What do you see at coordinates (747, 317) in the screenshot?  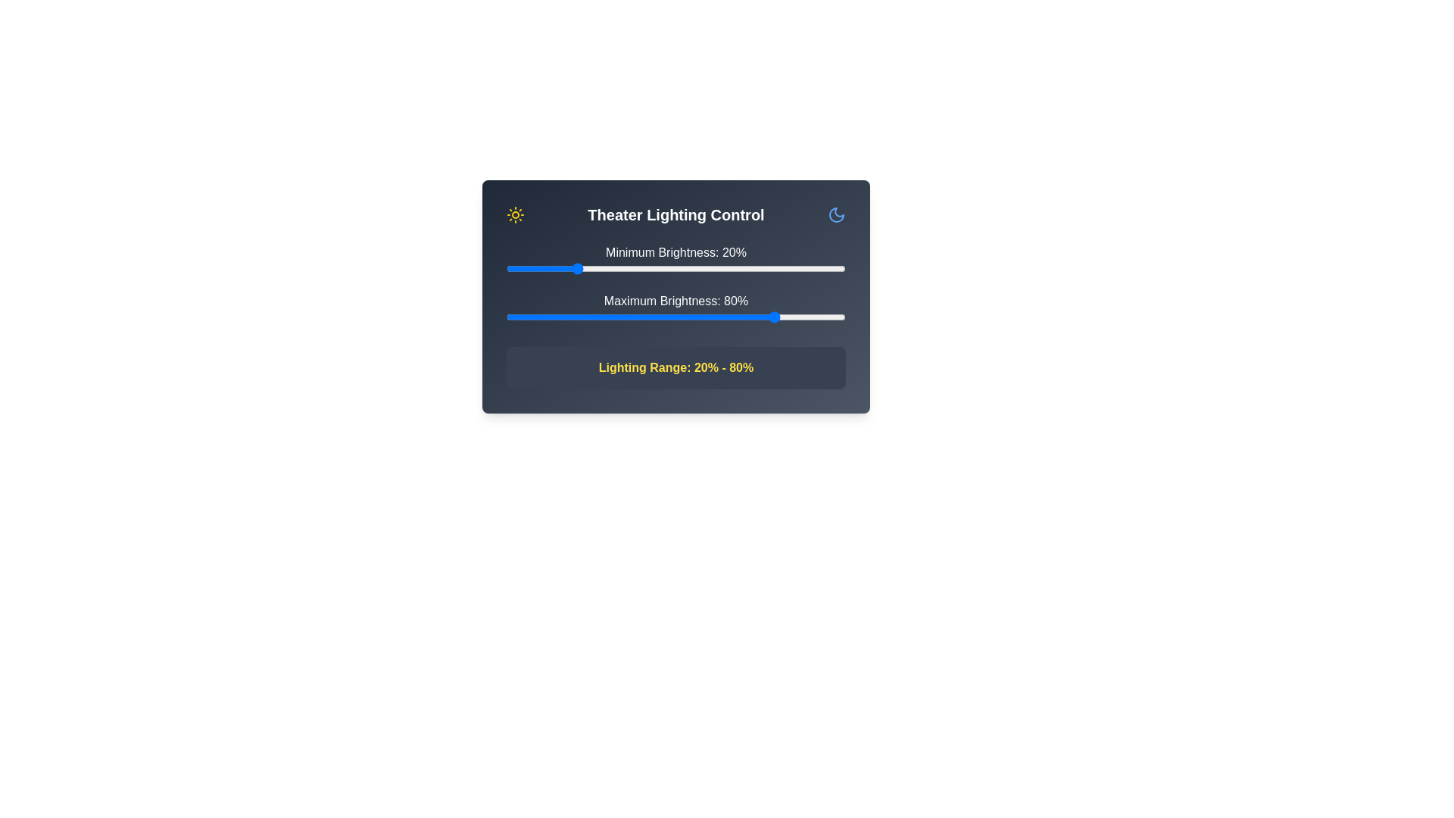 I see `the maximum brightness slider to 71%` at bounding box center [747, 317].